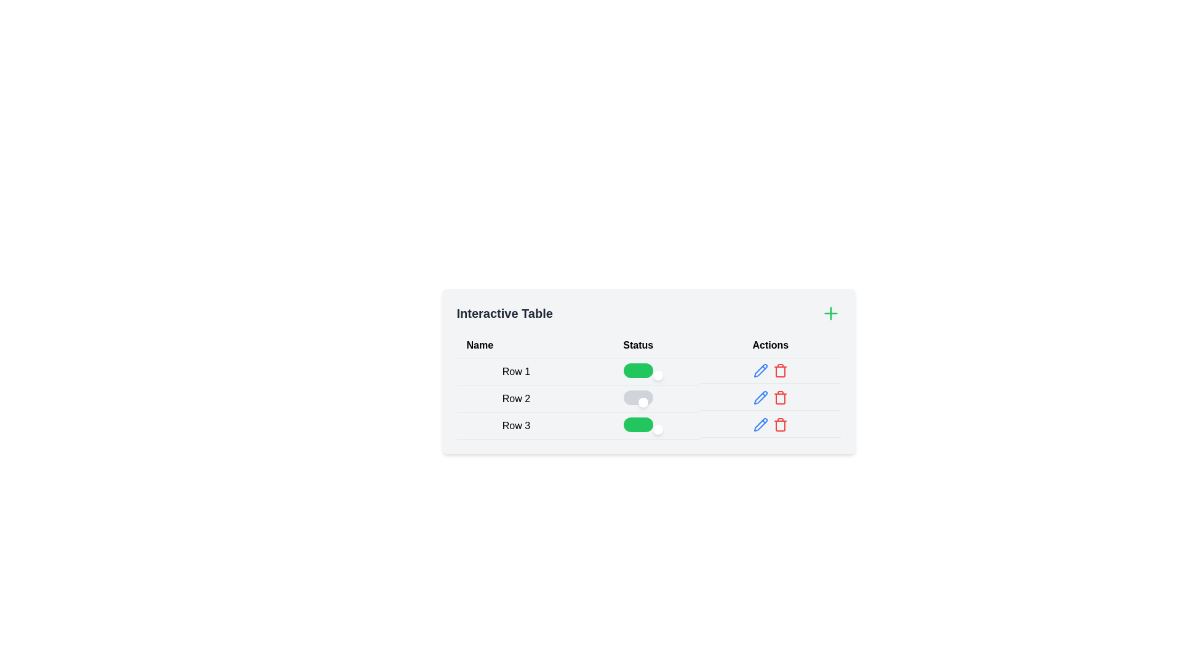  Describe the element at coordinates (657, 374) in the screenshot. I see `the toggle switch knob located in the 'Status' column of 'Row 1'` at that location.